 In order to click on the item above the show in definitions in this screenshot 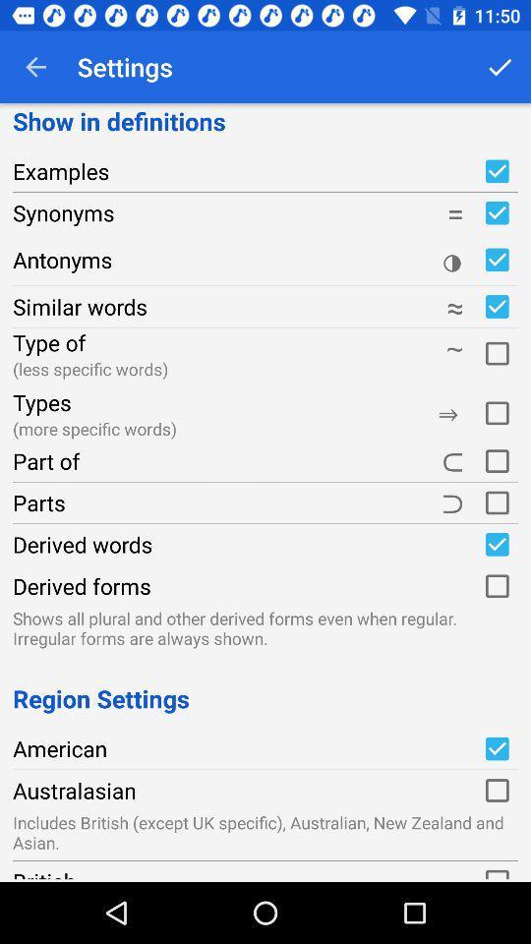, I will do `click(35, 67)`.